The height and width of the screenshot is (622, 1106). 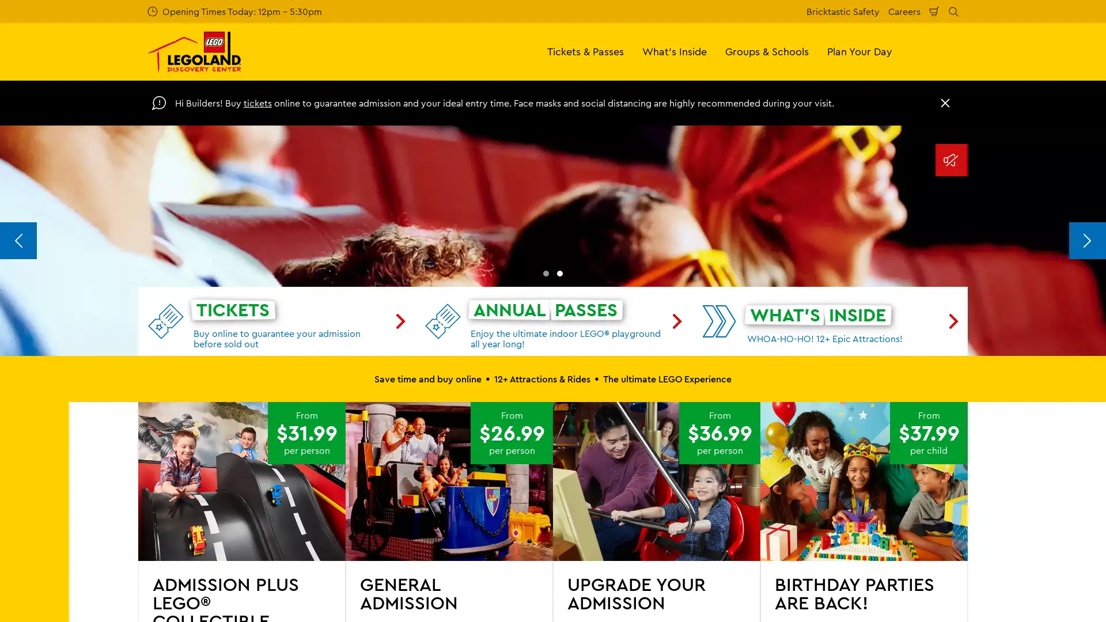 I want to click on Close, so click(x=945, y=102).